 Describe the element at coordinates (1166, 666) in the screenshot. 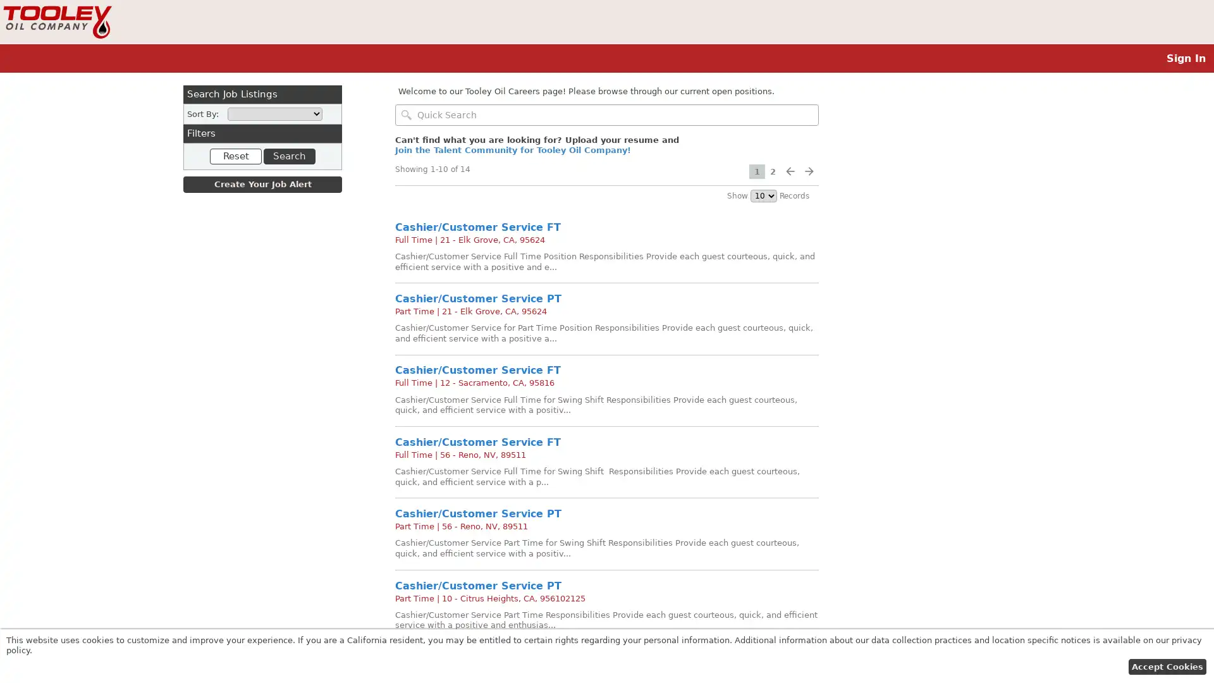

I see `Accept Cookies` at that location.